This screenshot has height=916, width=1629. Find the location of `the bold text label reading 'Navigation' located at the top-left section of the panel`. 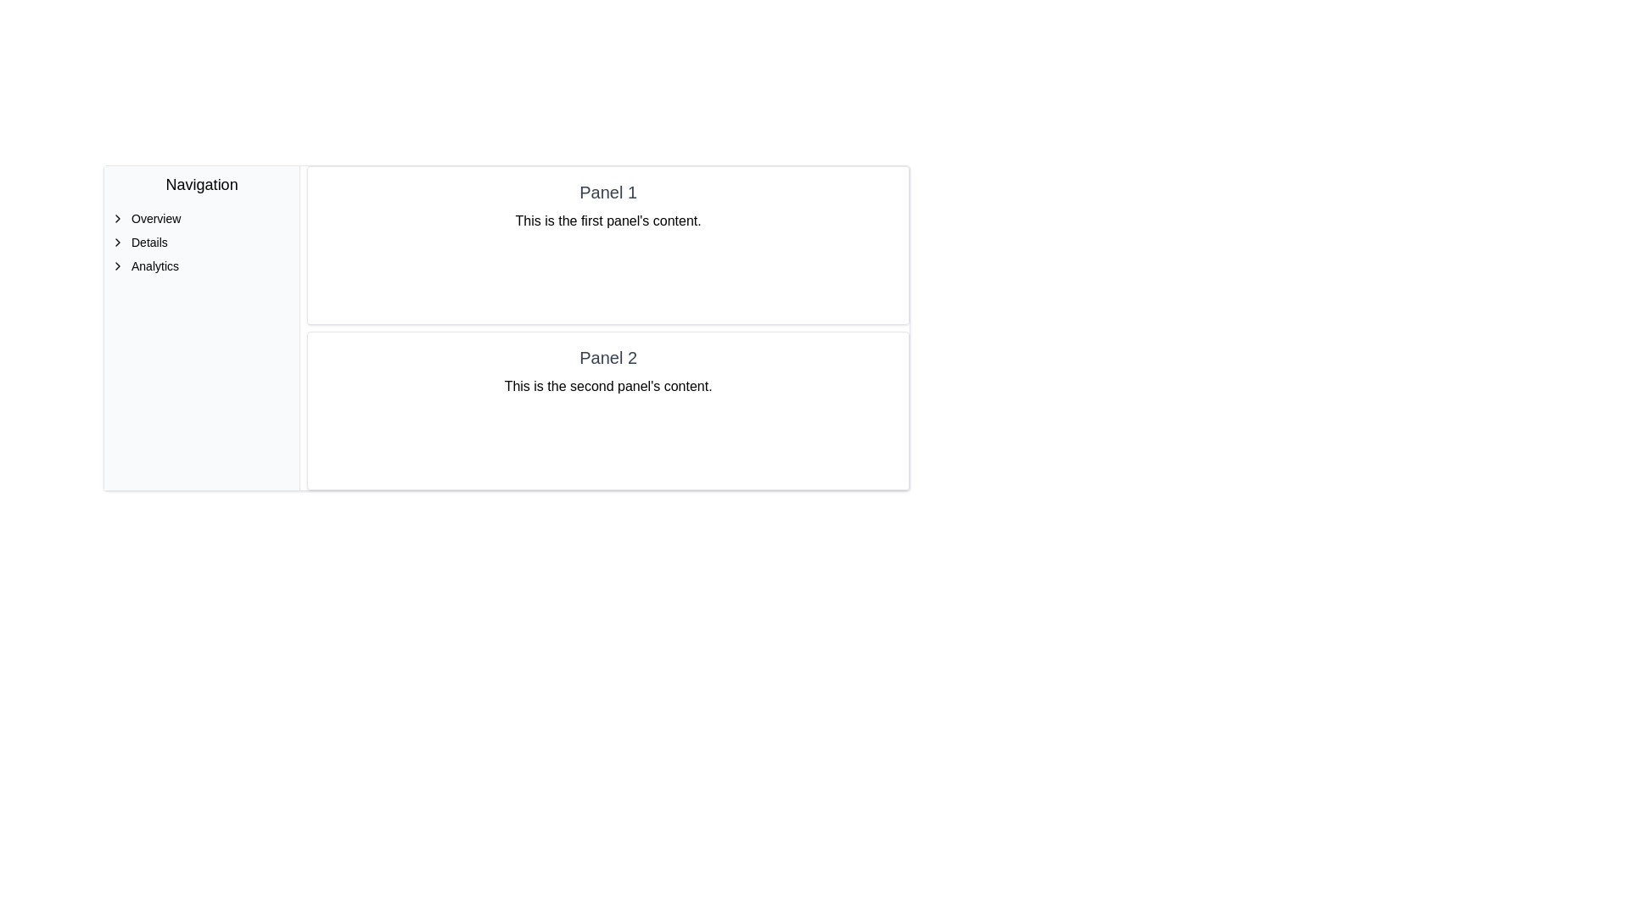

the bold text label reading 'Navigation' located at the top-left section of the panel is located at coordinates (202, 185).